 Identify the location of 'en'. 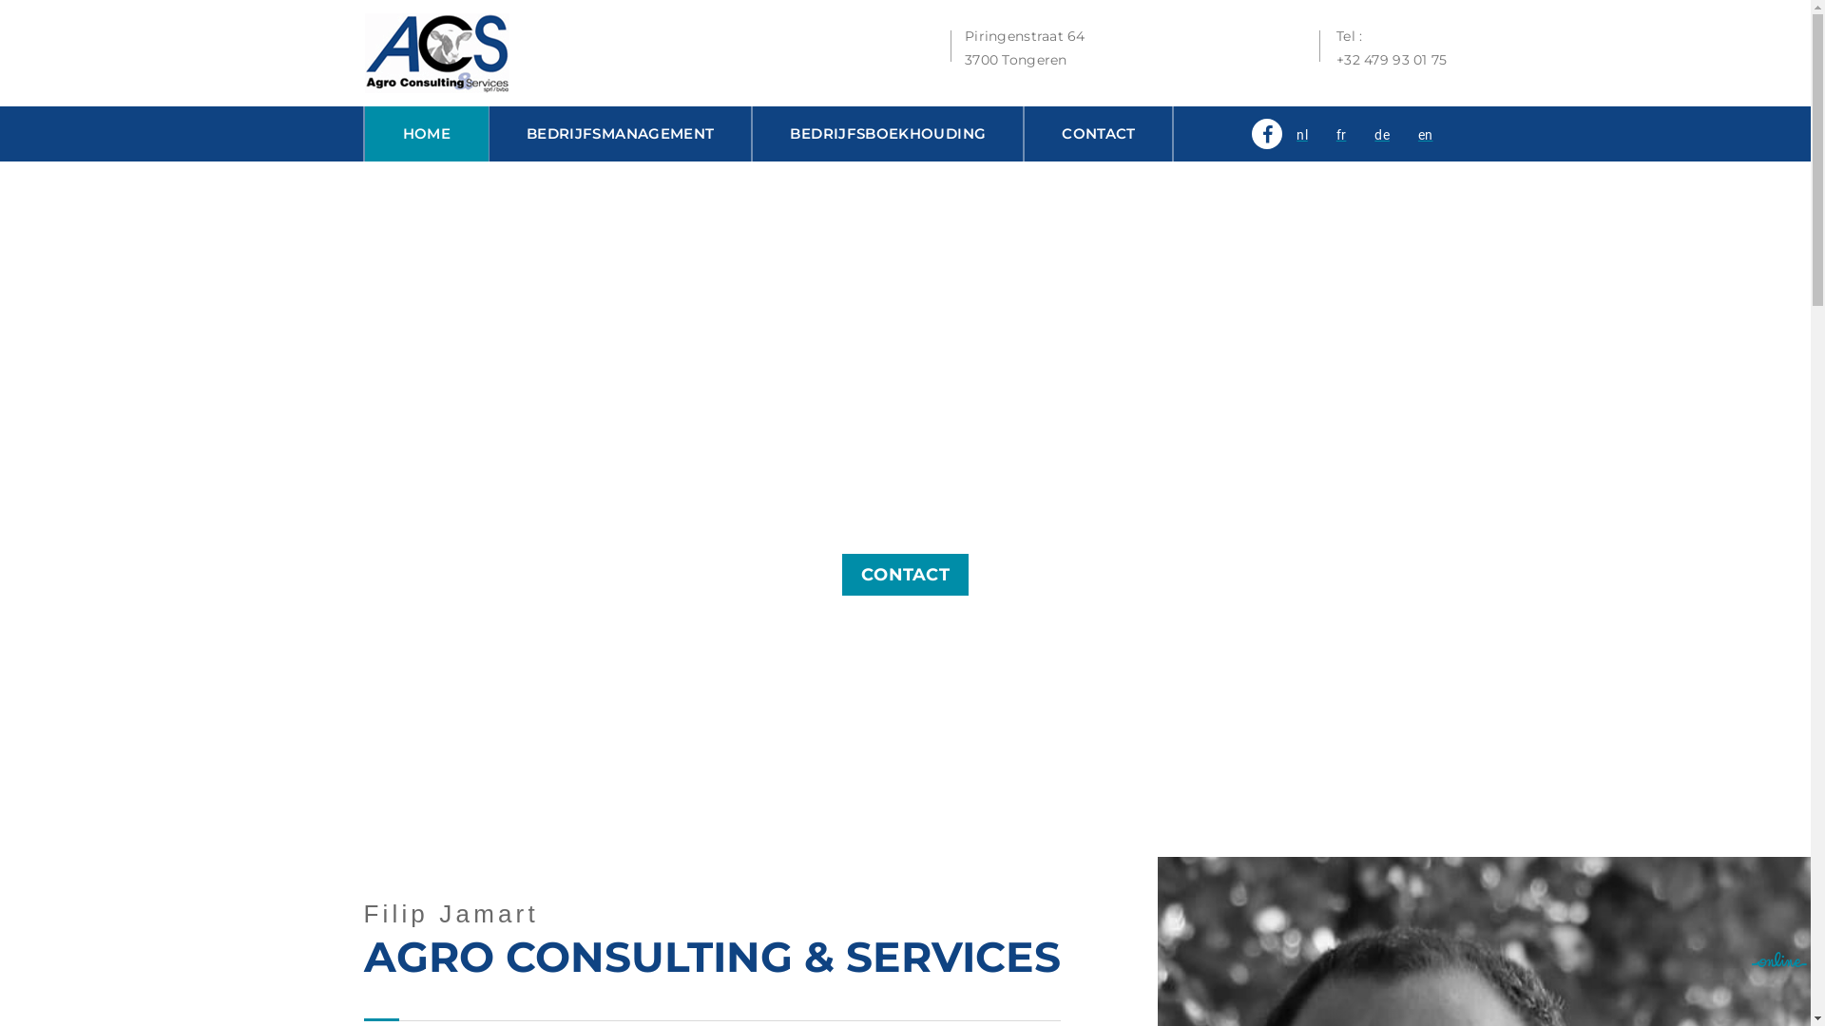
(1425, 134).